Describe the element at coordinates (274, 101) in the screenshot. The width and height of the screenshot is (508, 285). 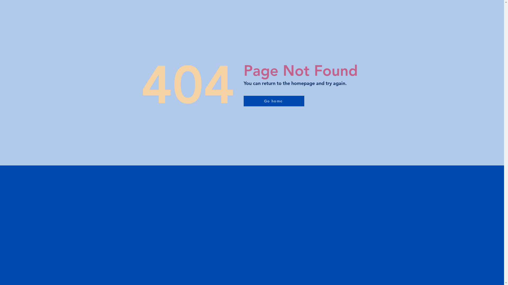
I see `'Go home'` at that location.